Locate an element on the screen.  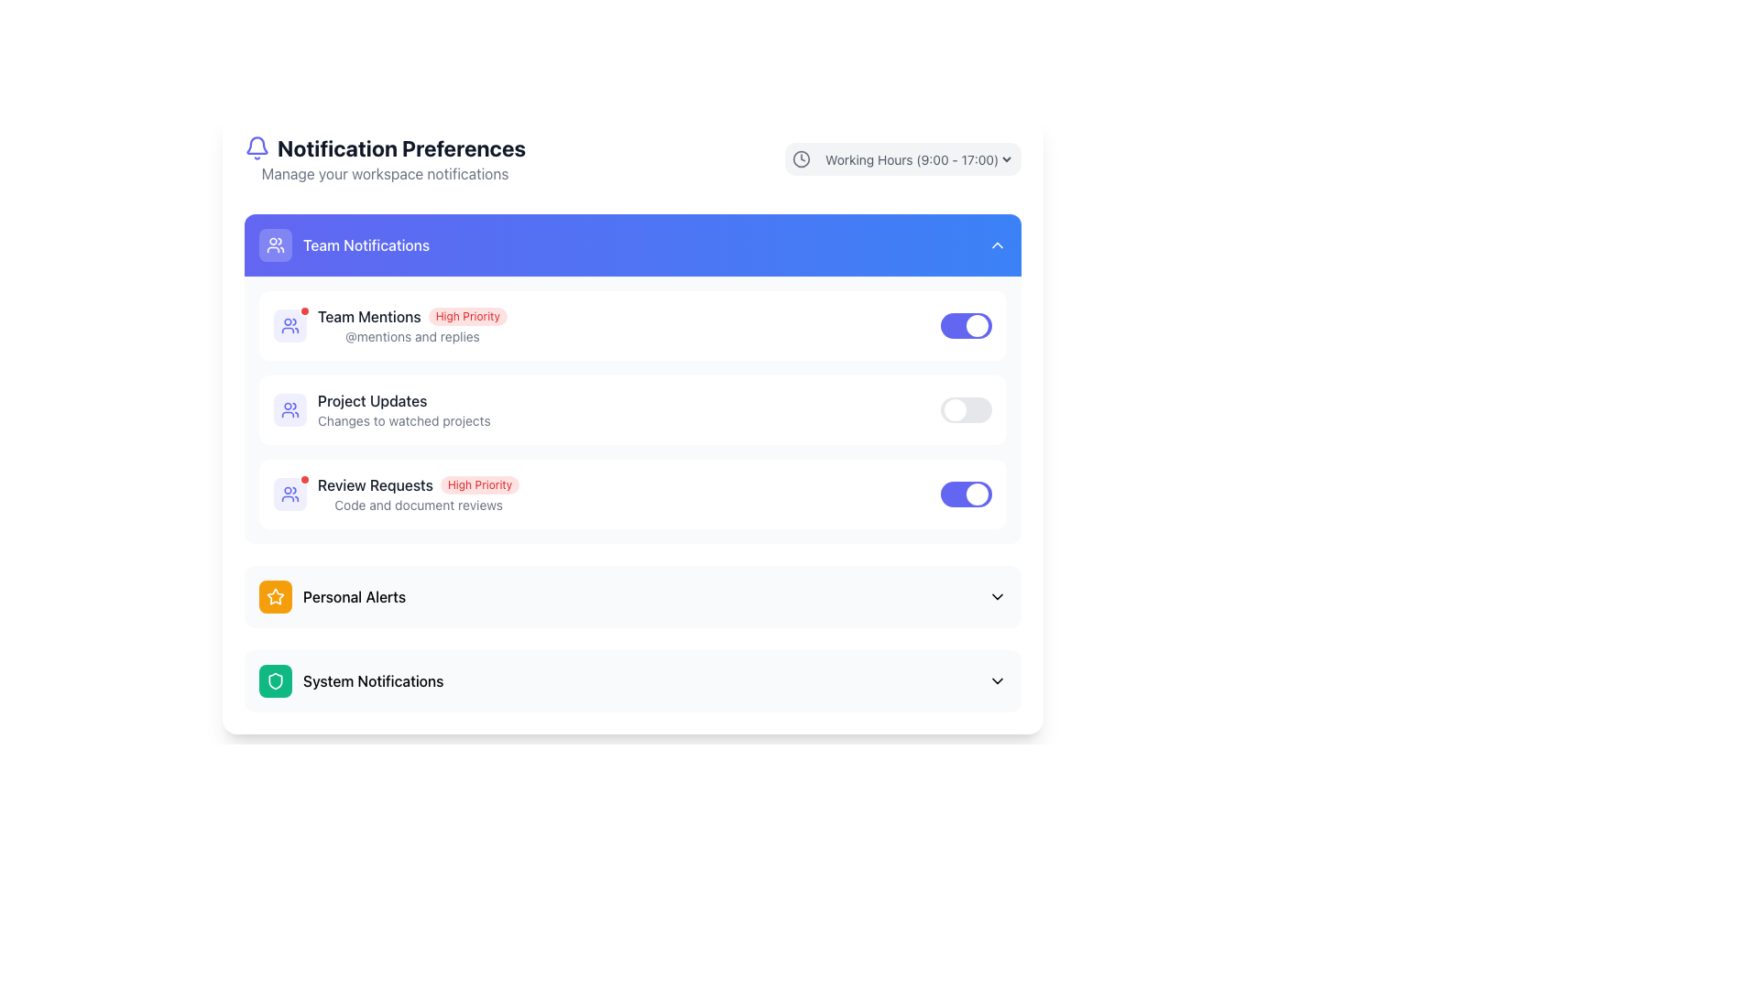
the text label displaying 'Review Requests', which is styled in bold and dark color, located within the 'Team Notifications' section next to a 'High Priority' badge is located at coordinates (374, 484).